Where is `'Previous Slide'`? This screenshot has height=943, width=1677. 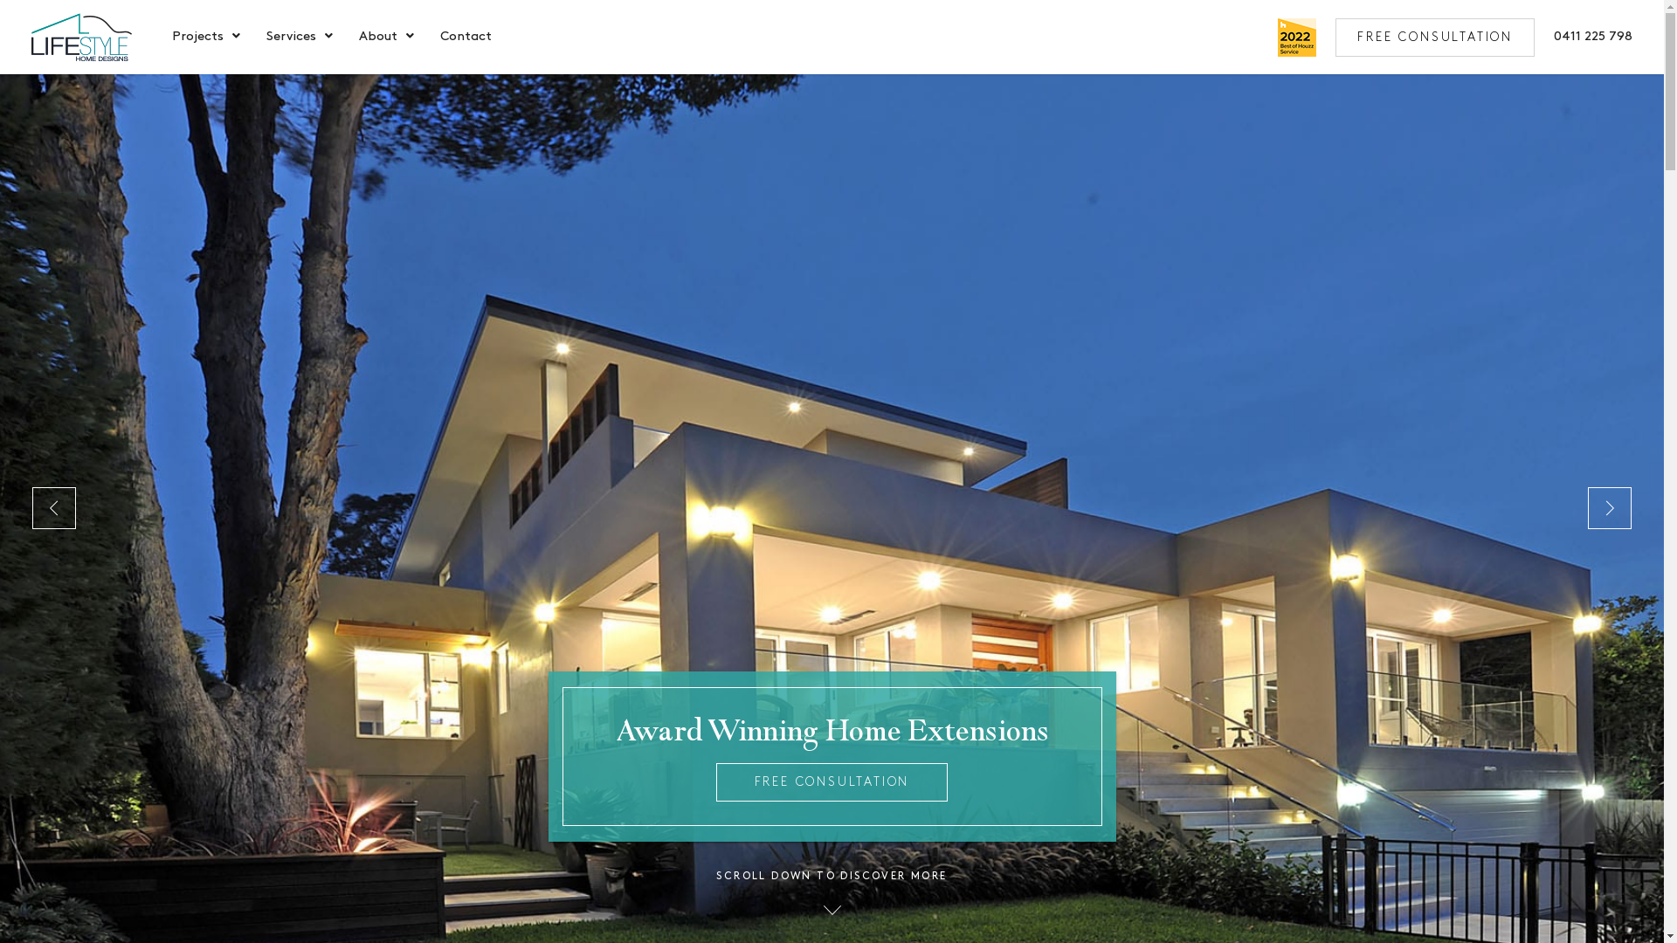
'Previous Slide' is located at coordinates (54, 508).